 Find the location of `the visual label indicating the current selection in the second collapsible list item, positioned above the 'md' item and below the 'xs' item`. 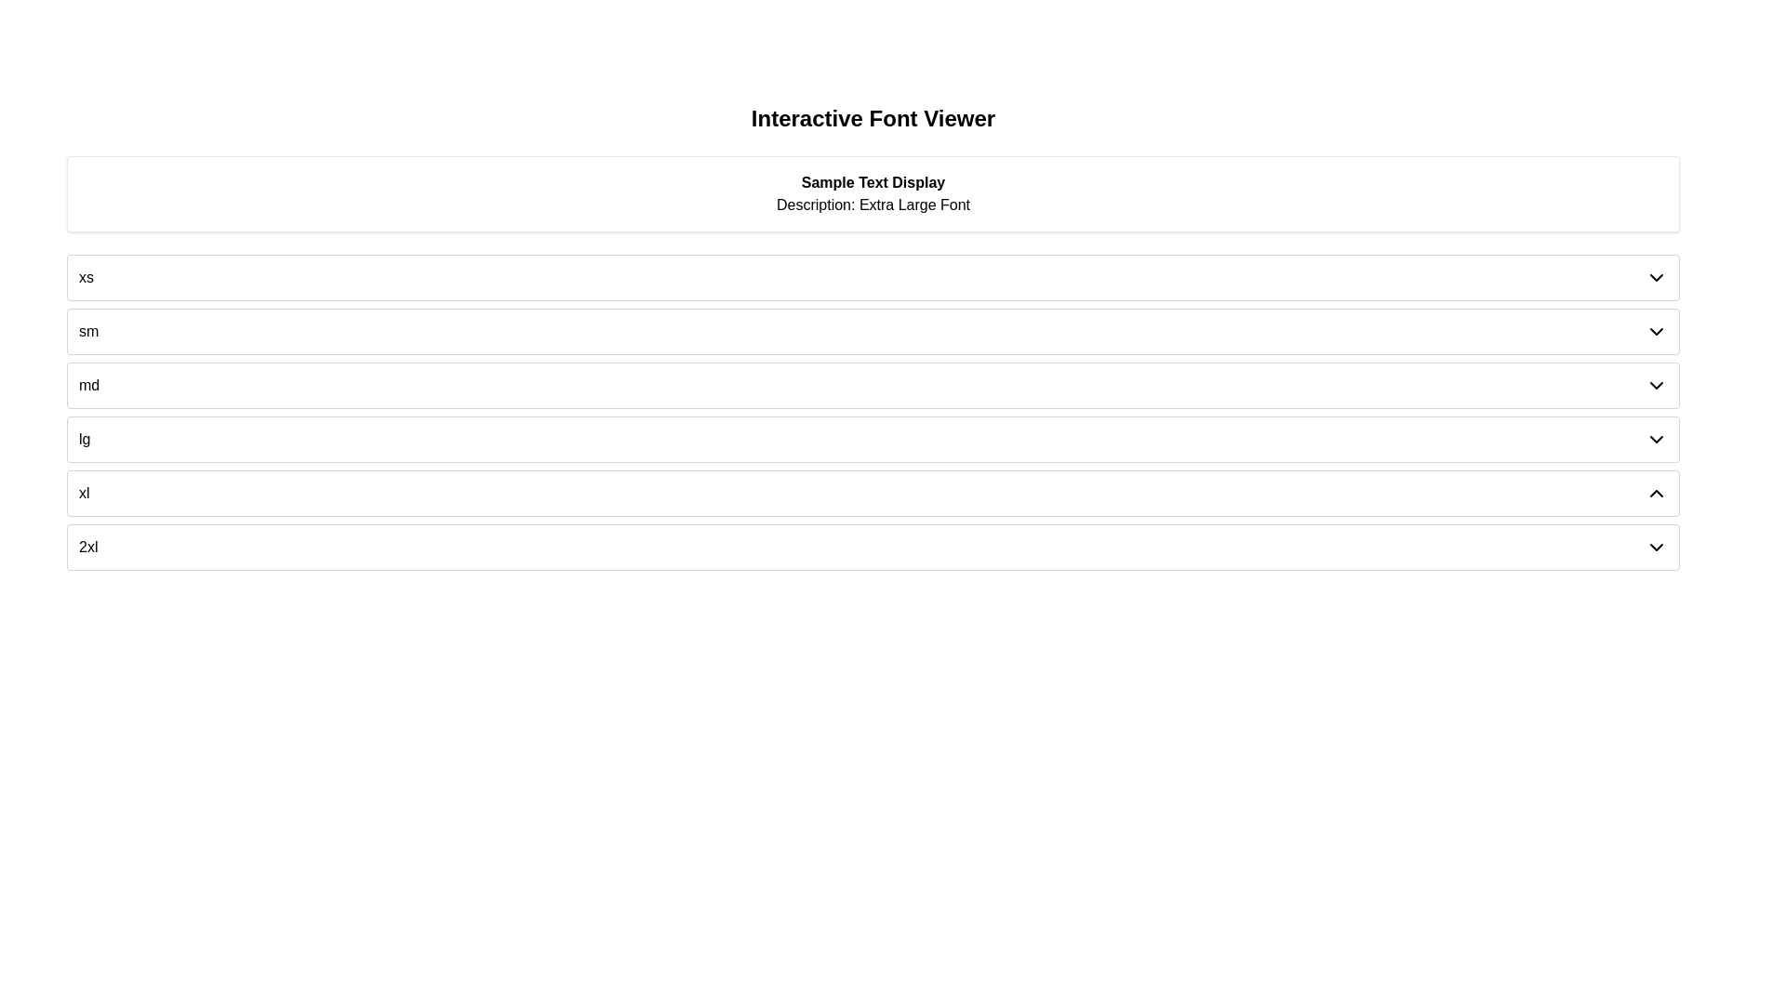

the visual label indicating the current selection in the second collapsible list item, positioned above the 'md' item and below the 'xs' item is located at coordinates (87, 331).